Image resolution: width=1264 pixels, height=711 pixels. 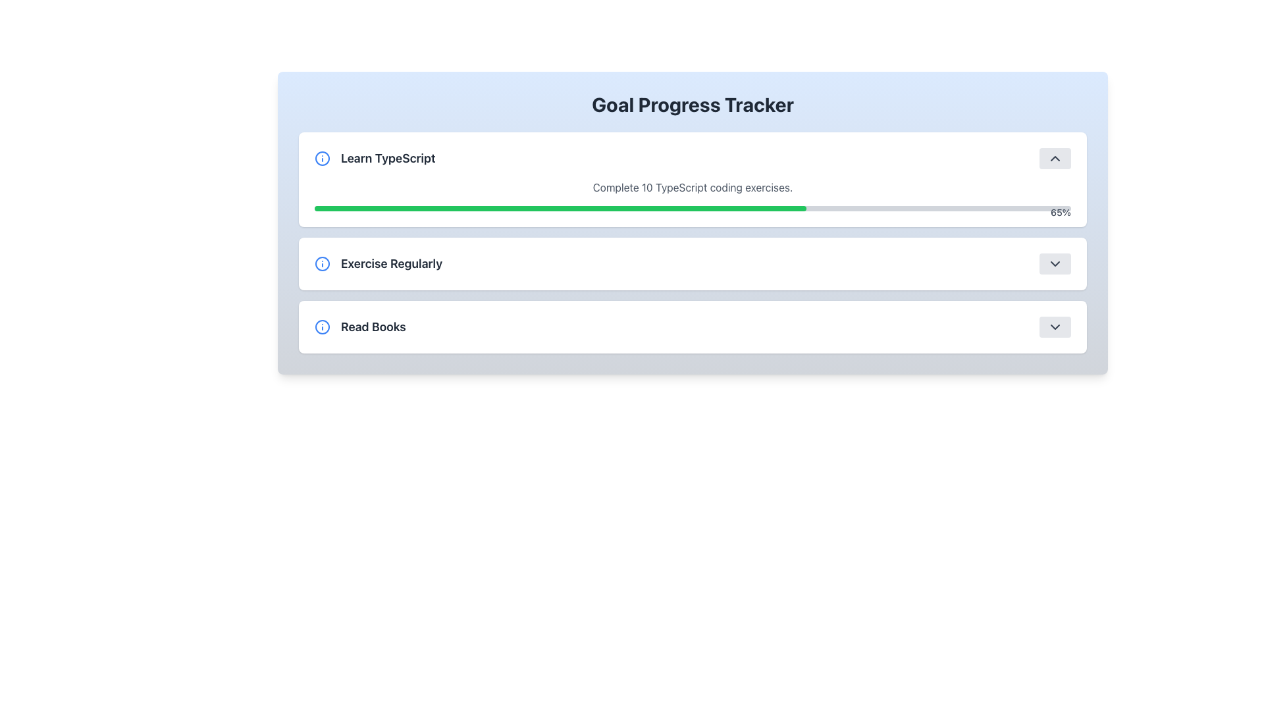 I want to click on the blue SVG circle element that is part of the information icon located to the left of the 'Learn TypeScript' title in the goal tracker interface, so click(x=322, y=157).